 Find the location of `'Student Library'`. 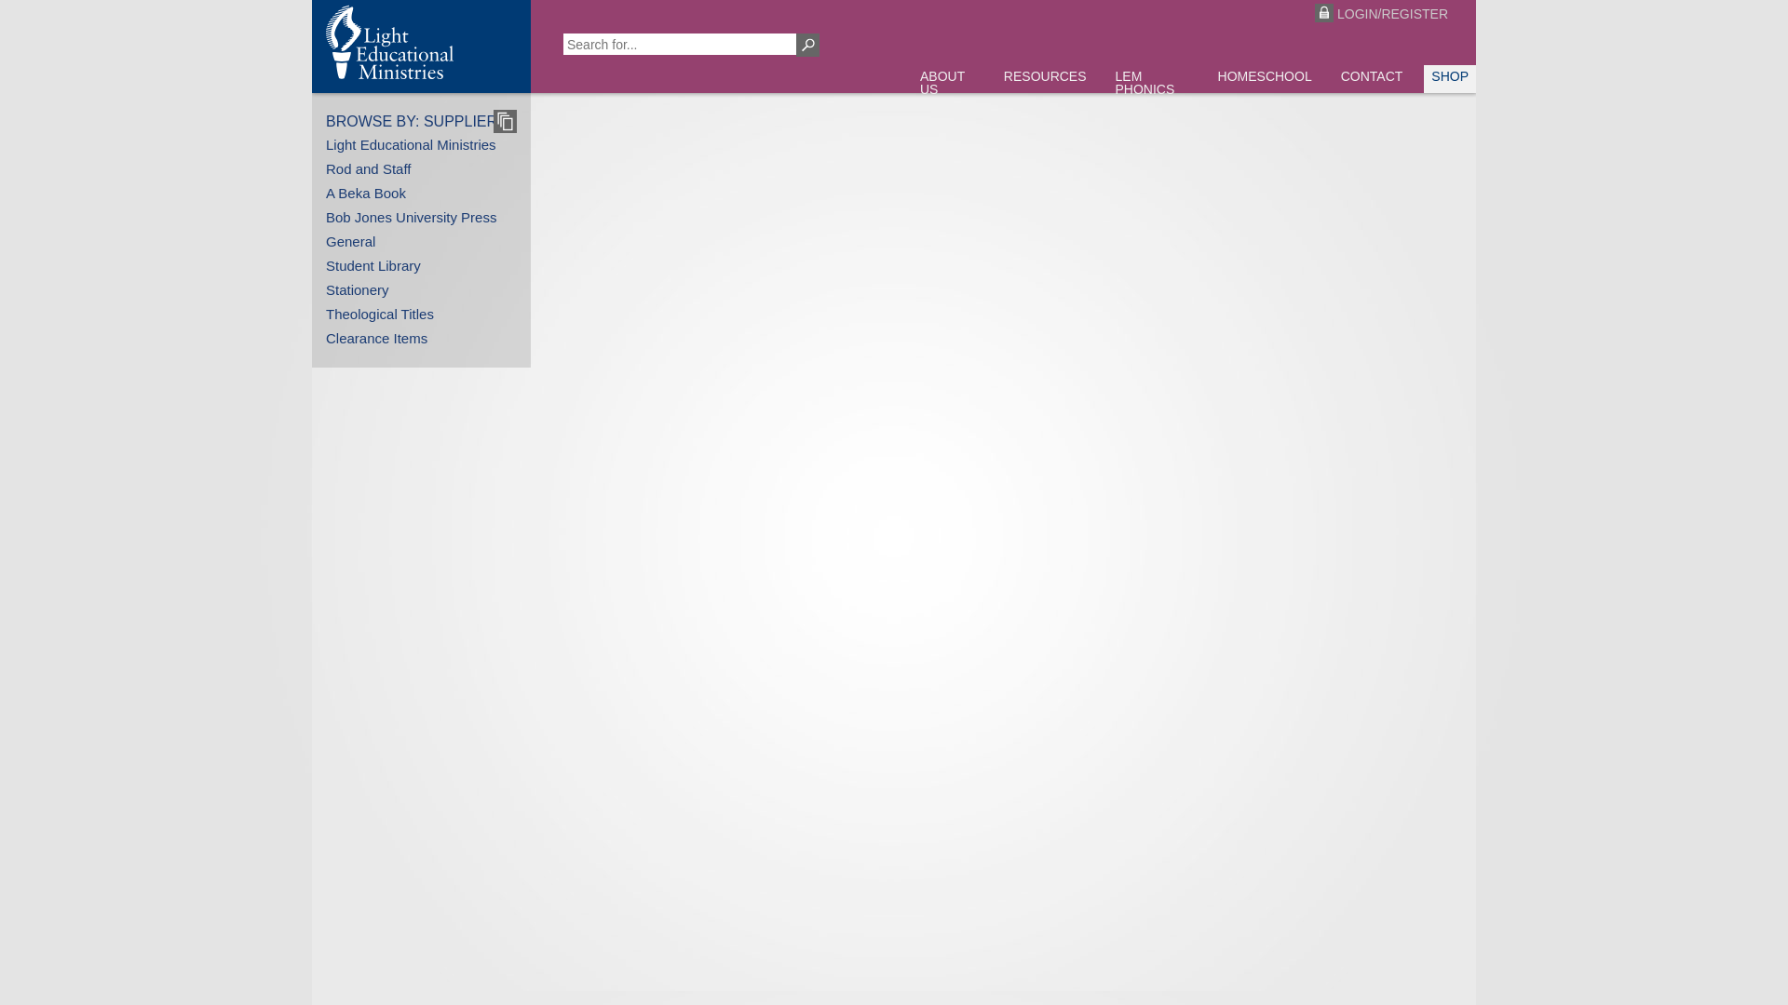

'Student Library' is located at coordinates (372, 265).